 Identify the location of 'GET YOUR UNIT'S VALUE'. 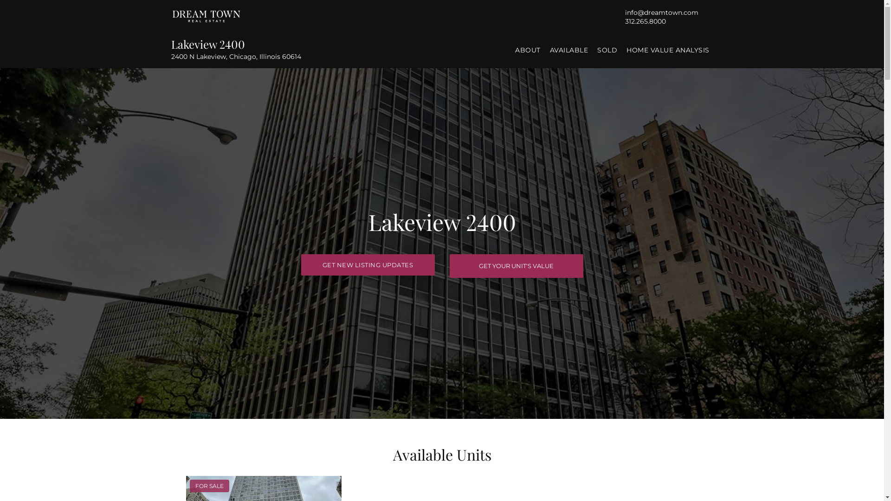
(516, 266).